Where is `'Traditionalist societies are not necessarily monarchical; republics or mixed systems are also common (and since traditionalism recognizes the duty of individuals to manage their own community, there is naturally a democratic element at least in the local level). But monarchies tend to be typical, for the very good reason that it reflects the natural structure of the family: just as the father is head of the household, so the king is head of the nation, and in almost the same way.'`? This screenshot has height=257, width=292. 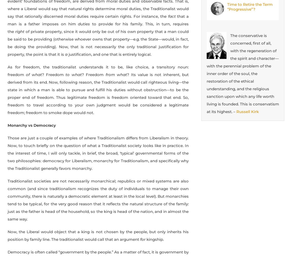
'Traditionalist societies are not necessarily monarchical; republics or mixed systems are also common (and since traditionalism recognizes the duty of individuals to manage their own community, there is naturally a democratic element at least in the local level). But monarchies tend to be typical, for the very good reason that it reflects the natural structure of the family: just as the father is head of the household, so the king is head of the nation, and in almost the same way.' is located at coordinates (98, 200).